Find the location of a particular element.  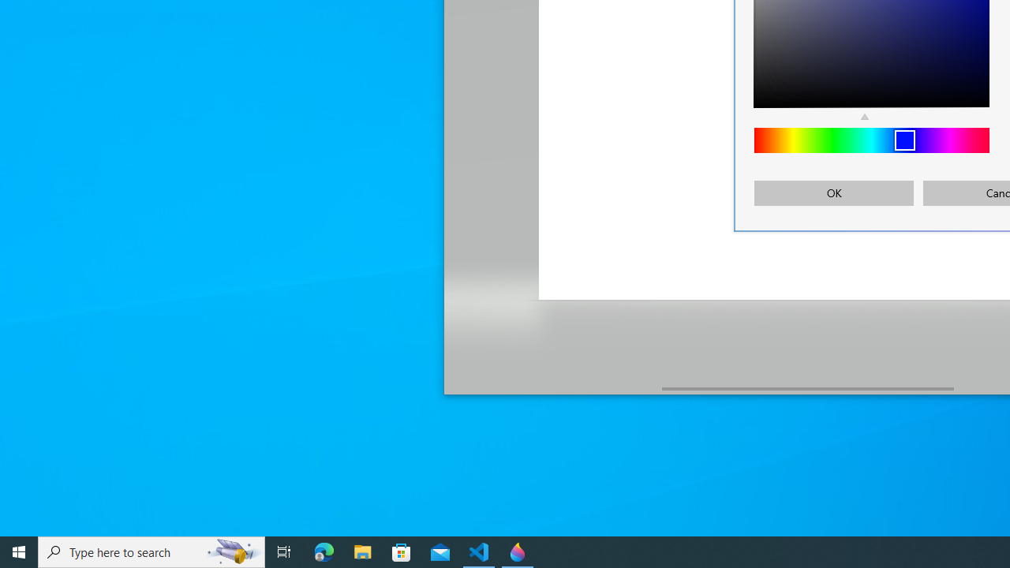

'Task View' is located at coordinates (283, 551).